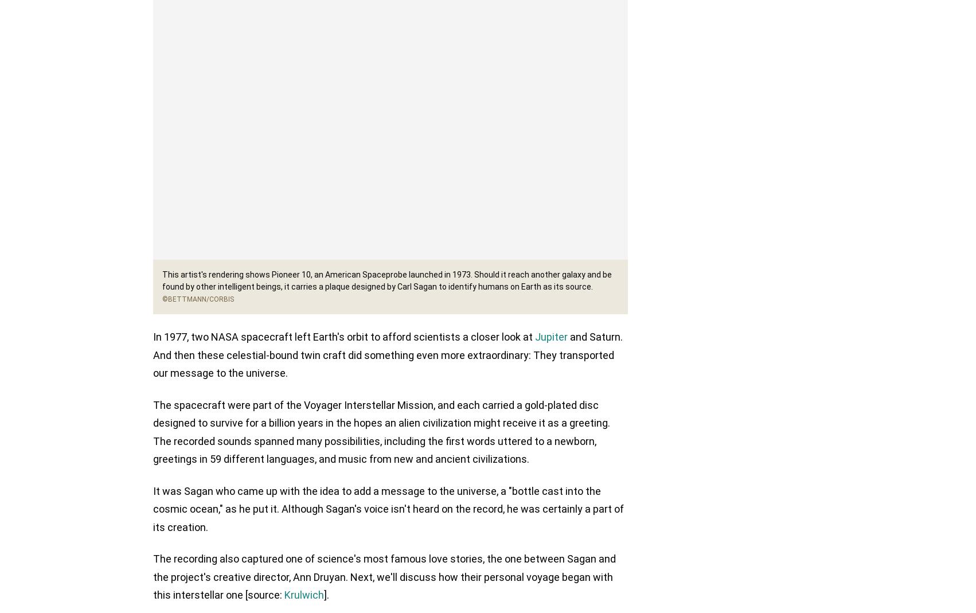  I want to click on 'Krulwich', so click(303, 596).